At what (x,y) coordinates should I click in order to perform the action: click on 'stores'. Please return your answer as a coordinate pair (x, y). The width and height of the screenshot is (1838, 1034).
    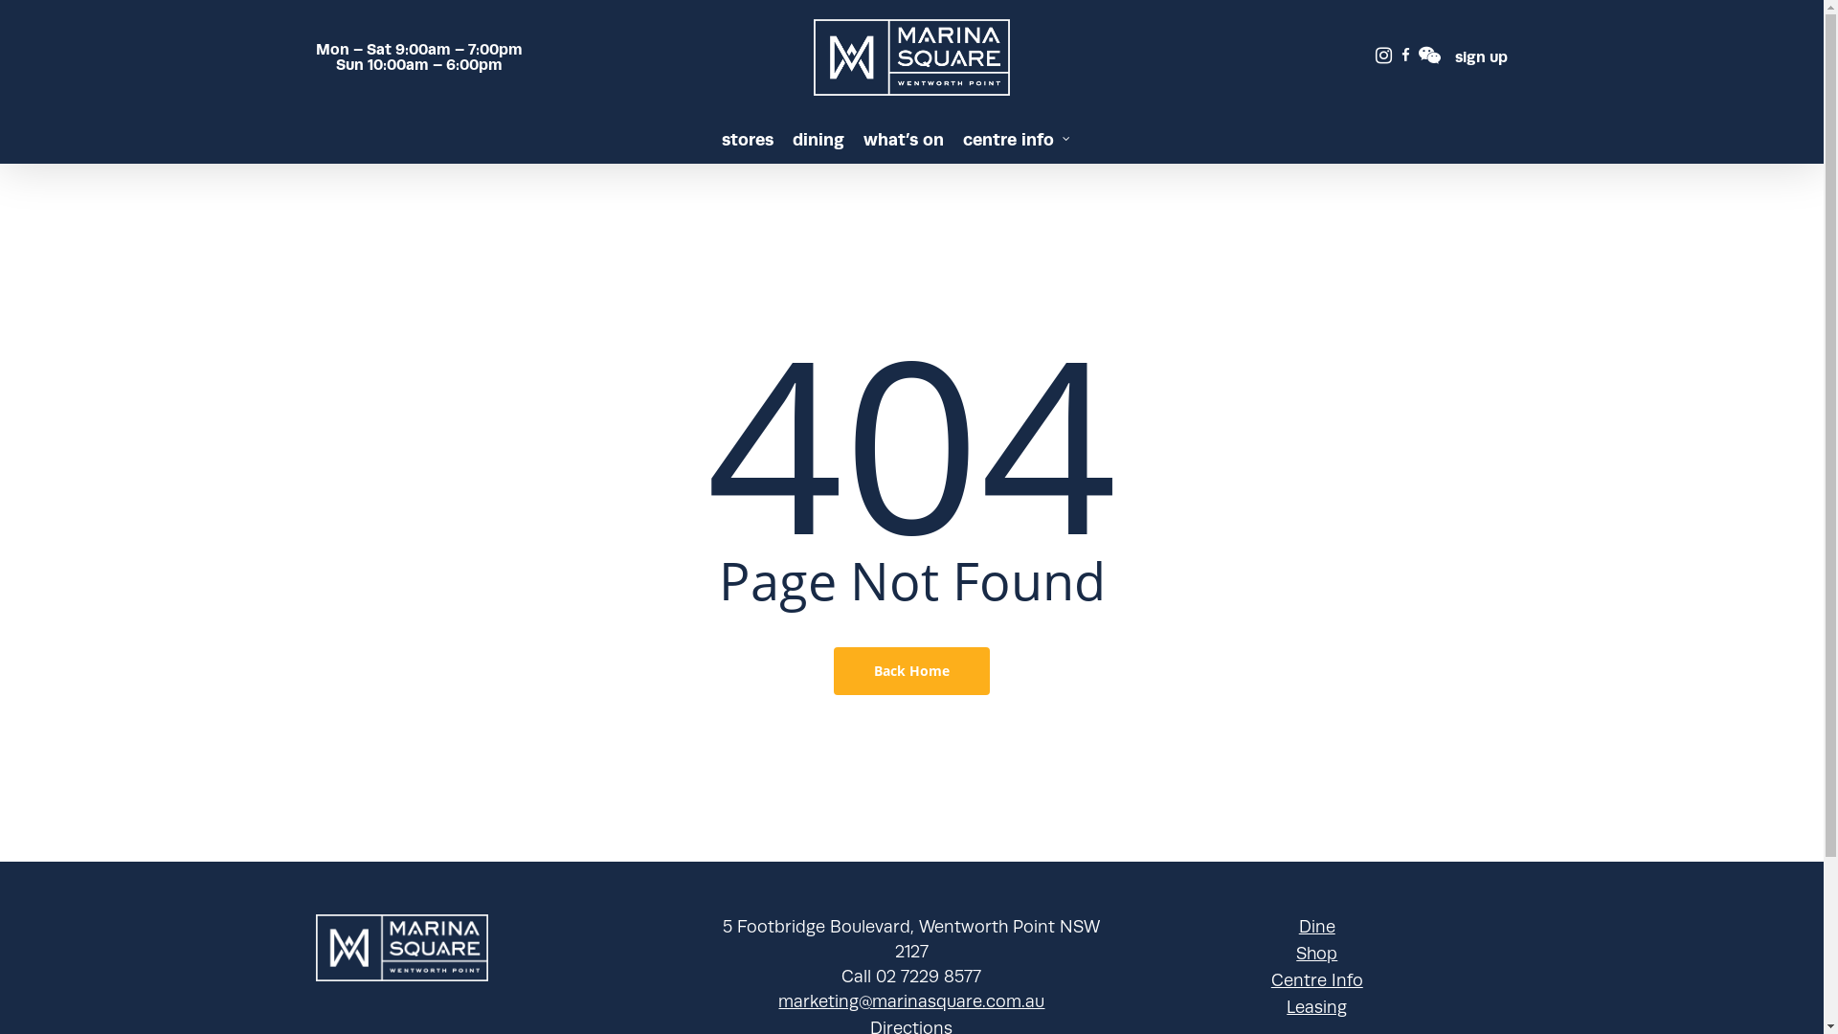
    Looking at the image, I should click on (747, 138).